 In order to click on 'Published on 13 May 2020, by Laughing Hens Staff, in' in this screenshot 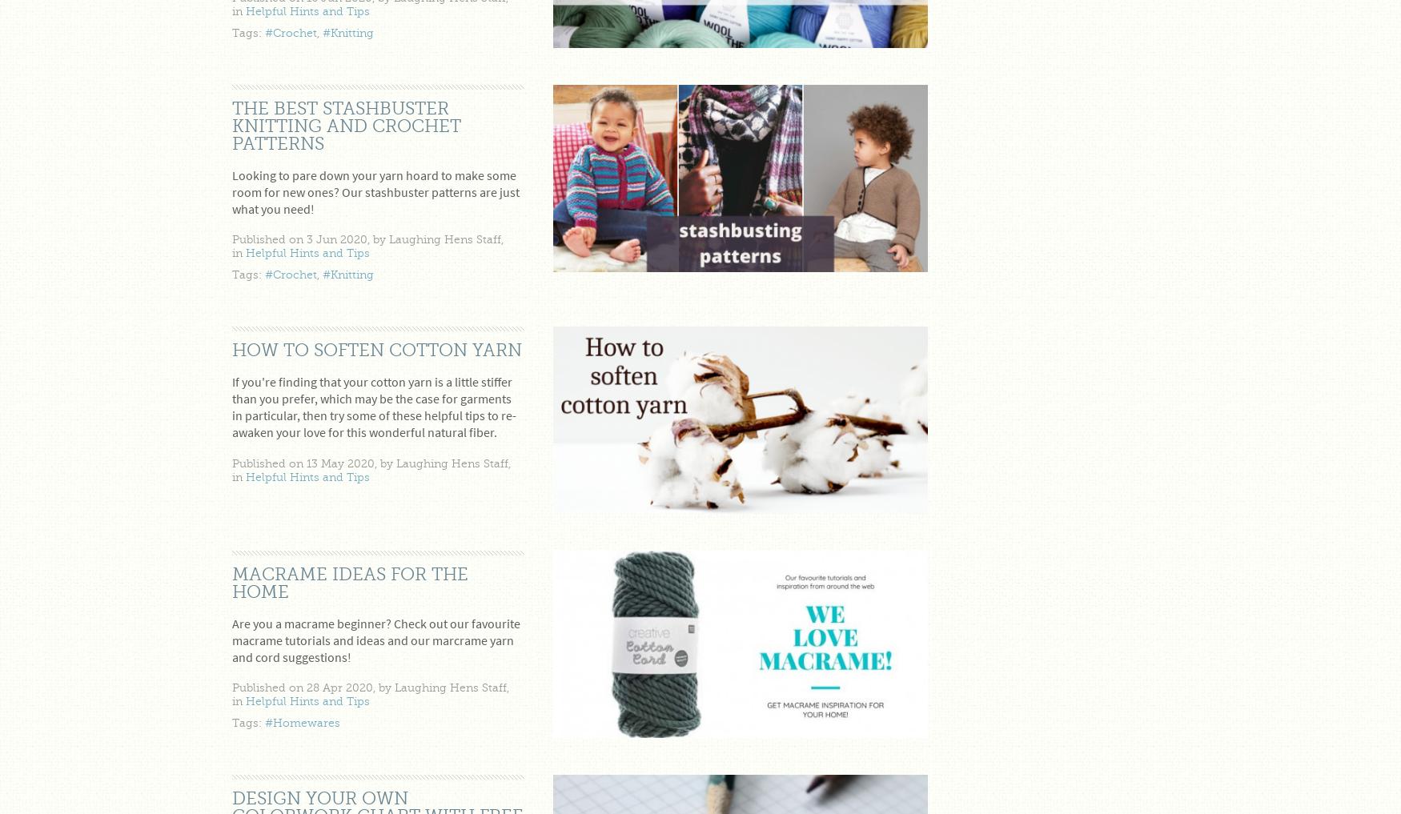, I will do `click(371, 469)`.